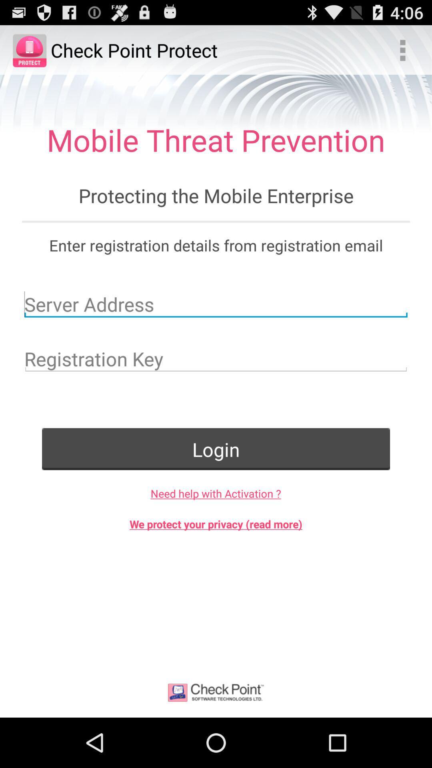 The height and width of the screenshot is (768, 432). What do you see at coordinates (216, 358) in the screenshot?
I see `key` at bounding box center [216, 358].